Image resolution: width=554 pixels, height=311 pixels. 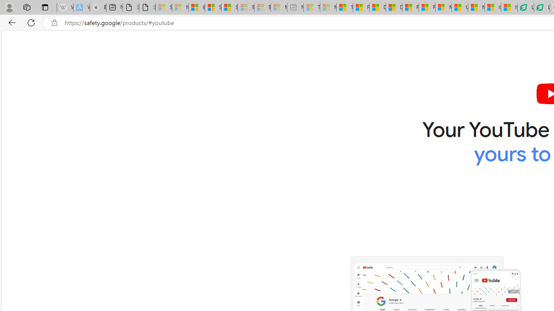 I want to click on 'US Heat Deaths Soared To Record High Last Year', so click(x=460, y=7).